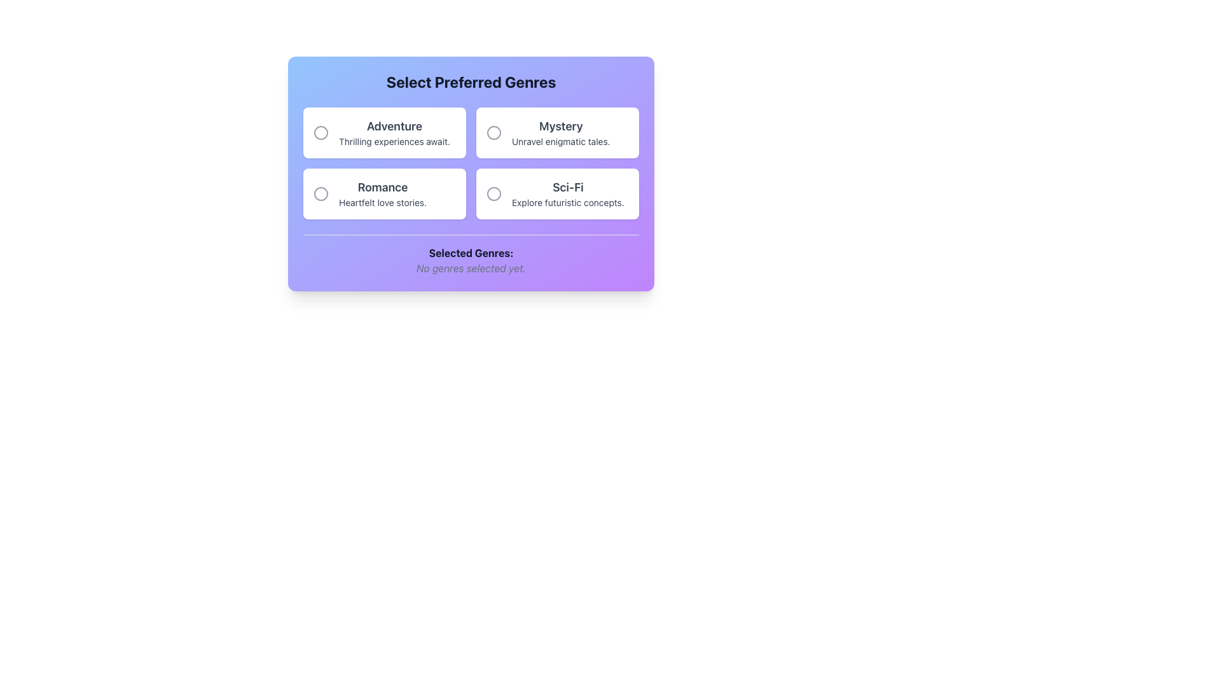 The width and height of the screenshot is (1221, 687). Describe the element at coordinates (382, 187) in the screenshot. I see `the text label for the genre option 'Heartfelt love stories', which is located in the second row and first column of a 2x2 grid arrangement, with a circular selector on its left` at that location.